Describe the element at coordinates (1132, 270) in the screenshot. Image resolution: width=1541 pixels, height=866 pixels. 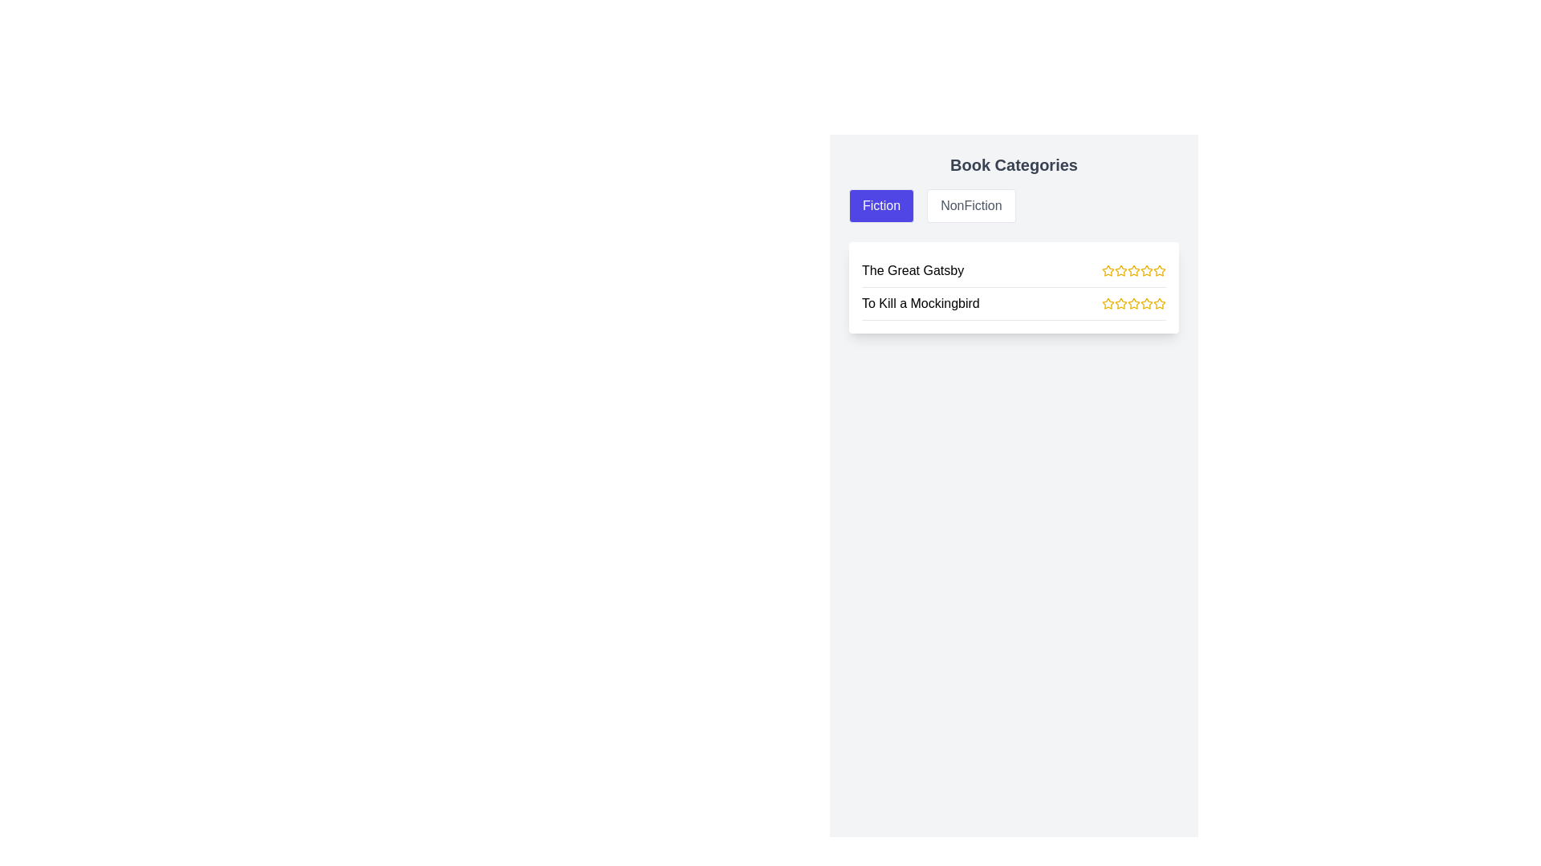
I see `the fourth yellow star in the rating system, located next to the title 'The Great Gatsby' in the Fiction category` at that location.